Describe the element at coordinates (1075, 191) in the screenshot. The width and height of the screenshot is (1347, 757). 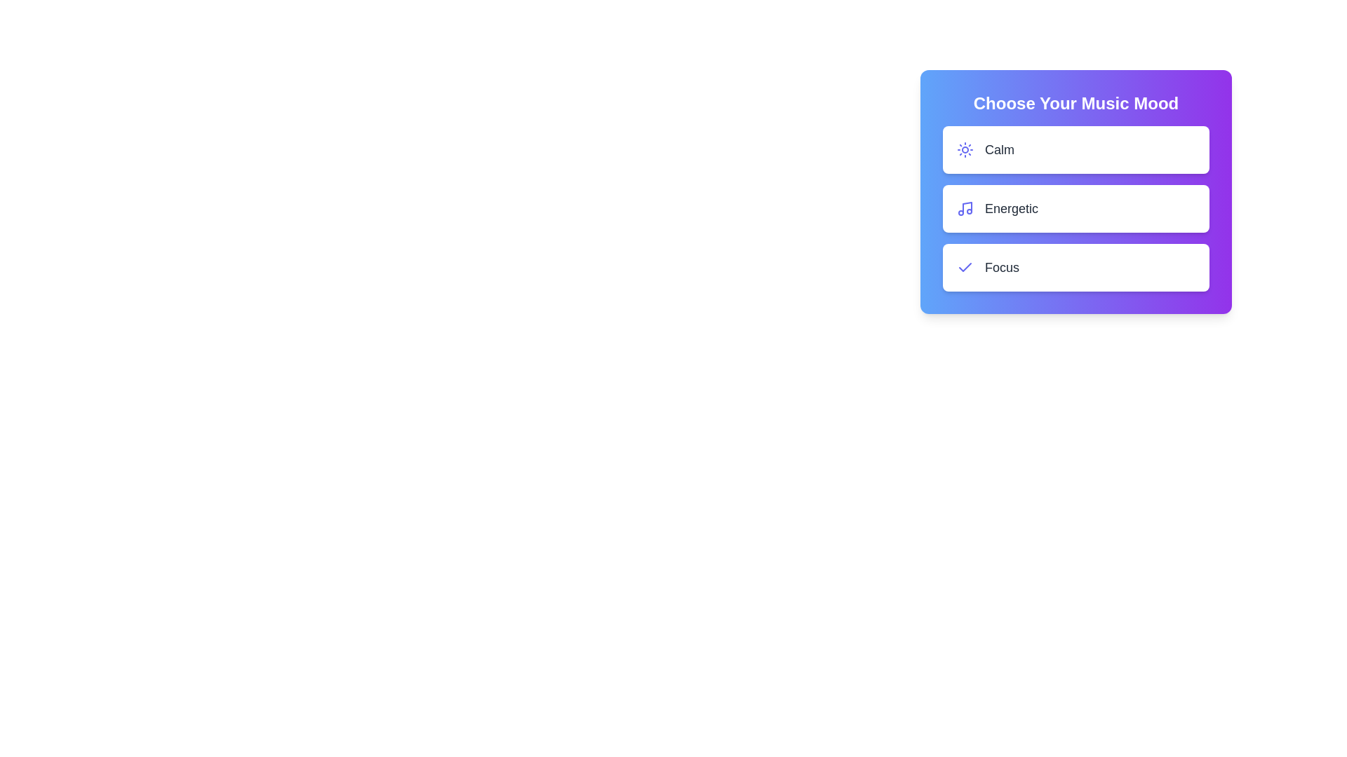
I see `the 'Energetic' button, which is a rounded rectangular button located below the text 'Choose Your Music Mood' in the card-like UI component with a gradient background` at that location.